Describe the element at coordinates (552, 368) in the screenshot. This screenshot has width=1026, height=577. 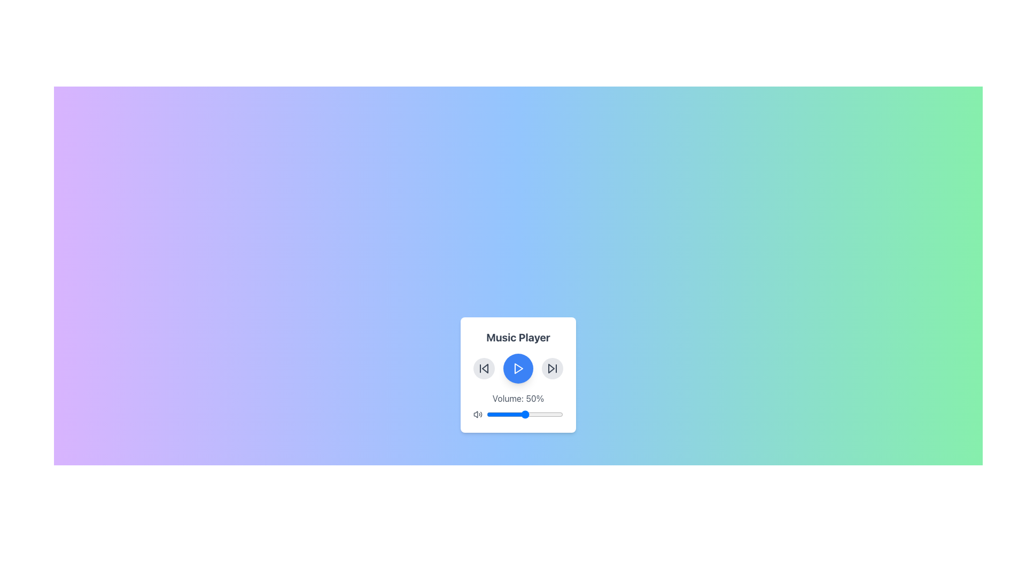
I see `the rightmost button in the top row of controls within the music player interface to skip to the next track` at that location.